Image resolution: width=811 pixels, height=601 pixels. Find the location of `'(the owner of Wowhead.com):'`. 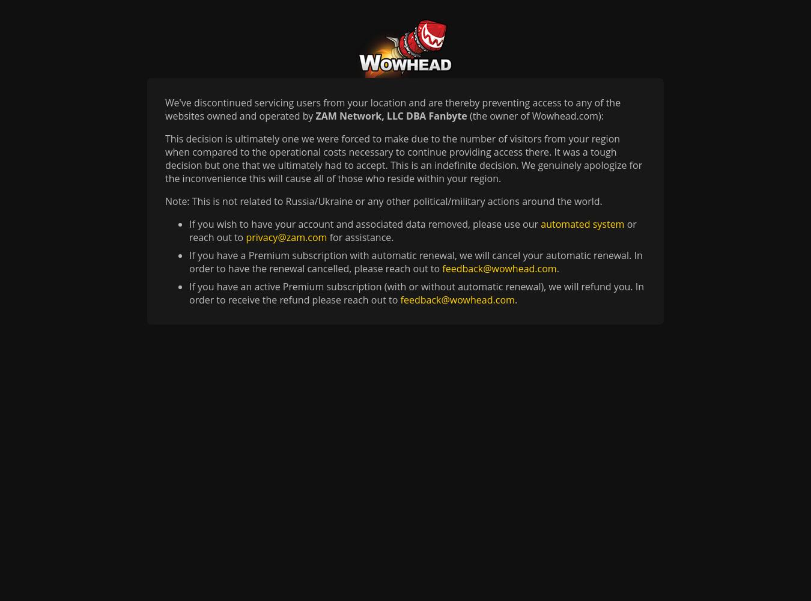

'(the owner of Wowhead.com):' is located at coordinates (535, 115).